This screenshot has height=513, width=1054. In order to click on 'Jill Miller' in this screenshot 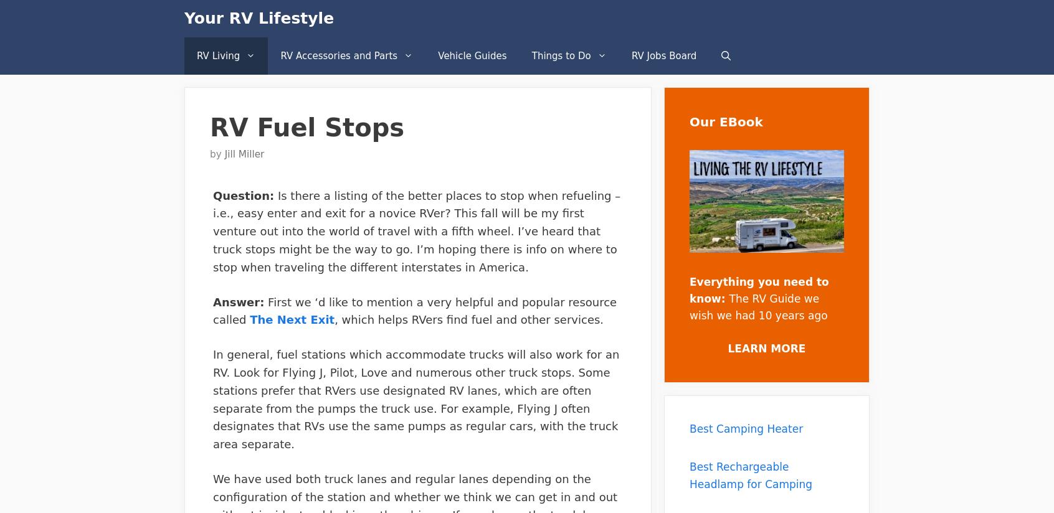, I will do `click(244, 154)`.